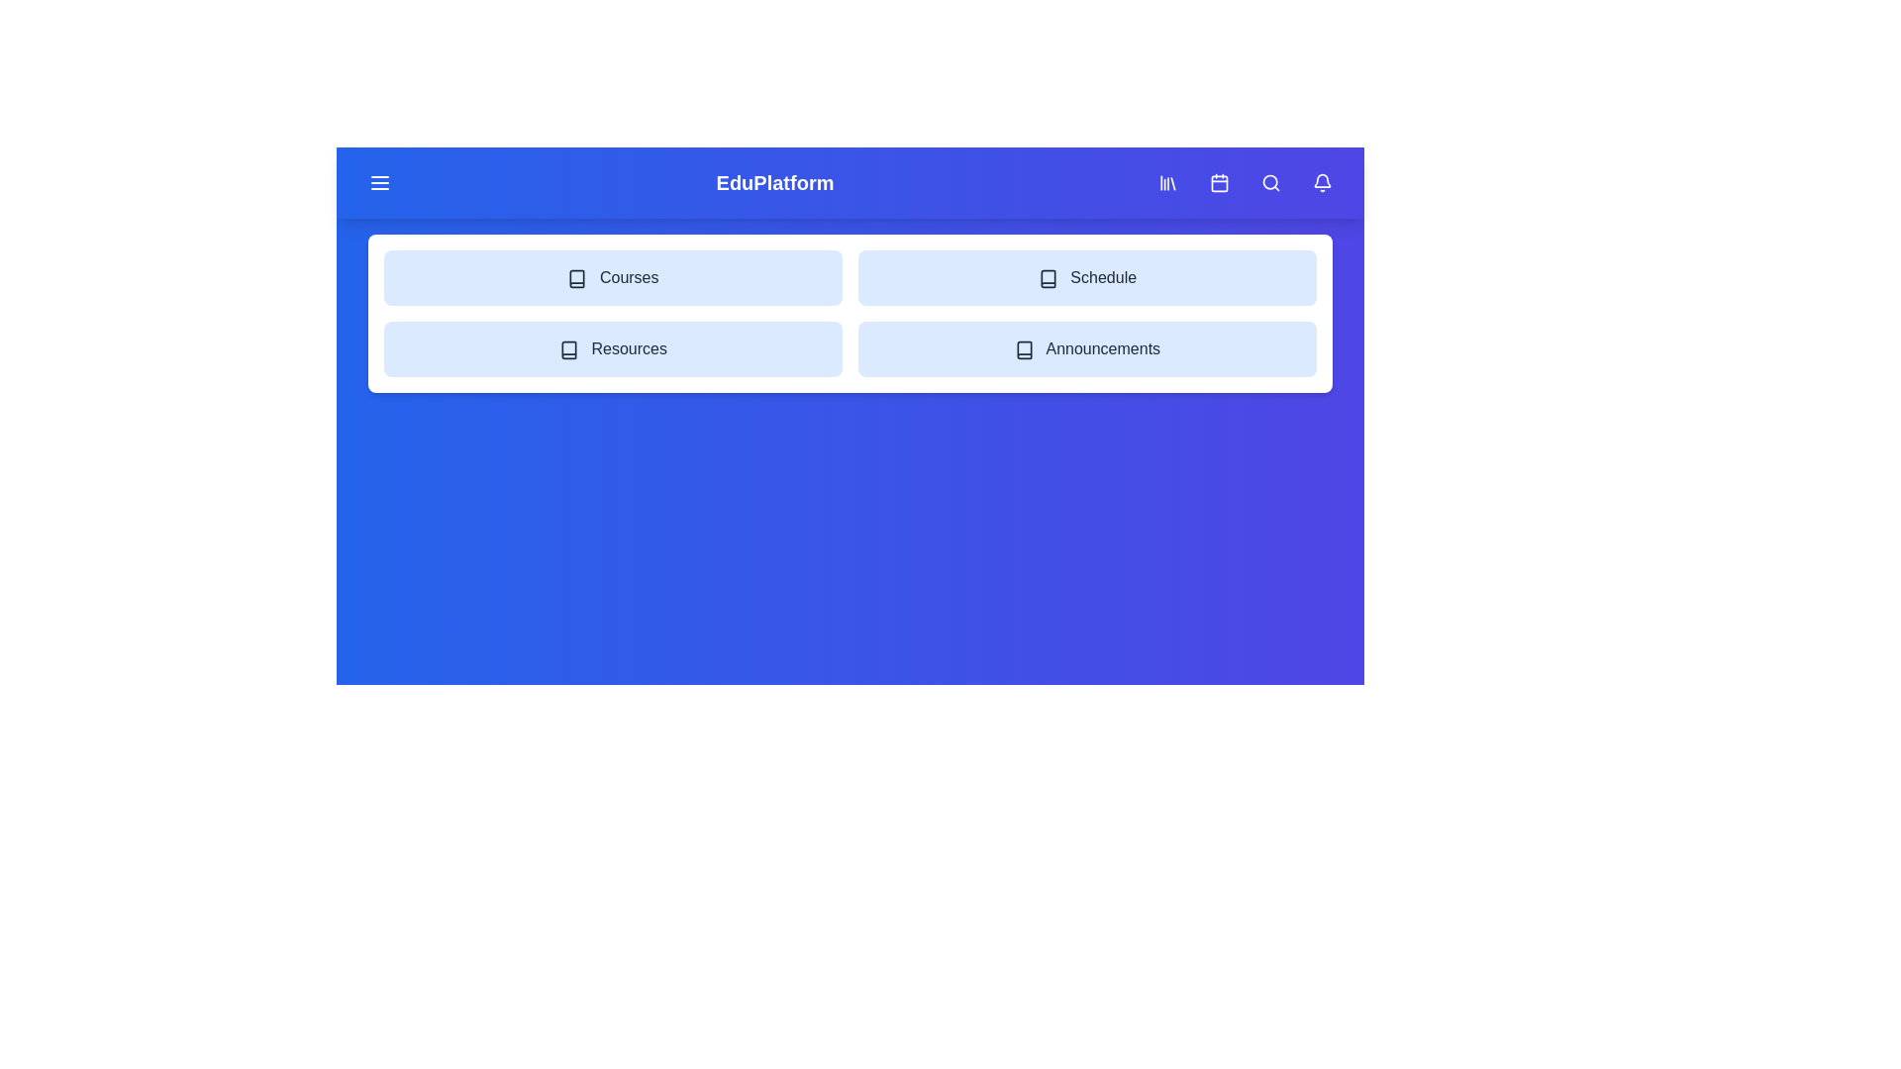 The image size is (1901, 1069). Describe the element at coordinates (1322, 183) in the screenshot. I see `the 'Notifications' icon button` at that location.